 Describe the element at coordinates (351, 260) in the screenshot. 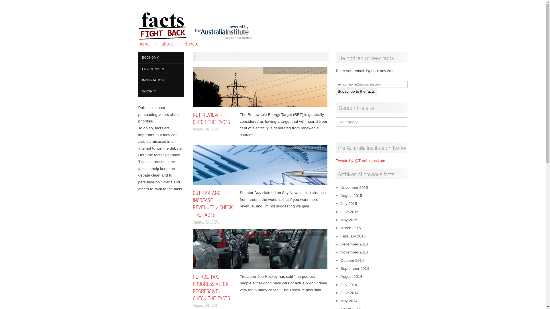

I see `'October 2014'` at that location.